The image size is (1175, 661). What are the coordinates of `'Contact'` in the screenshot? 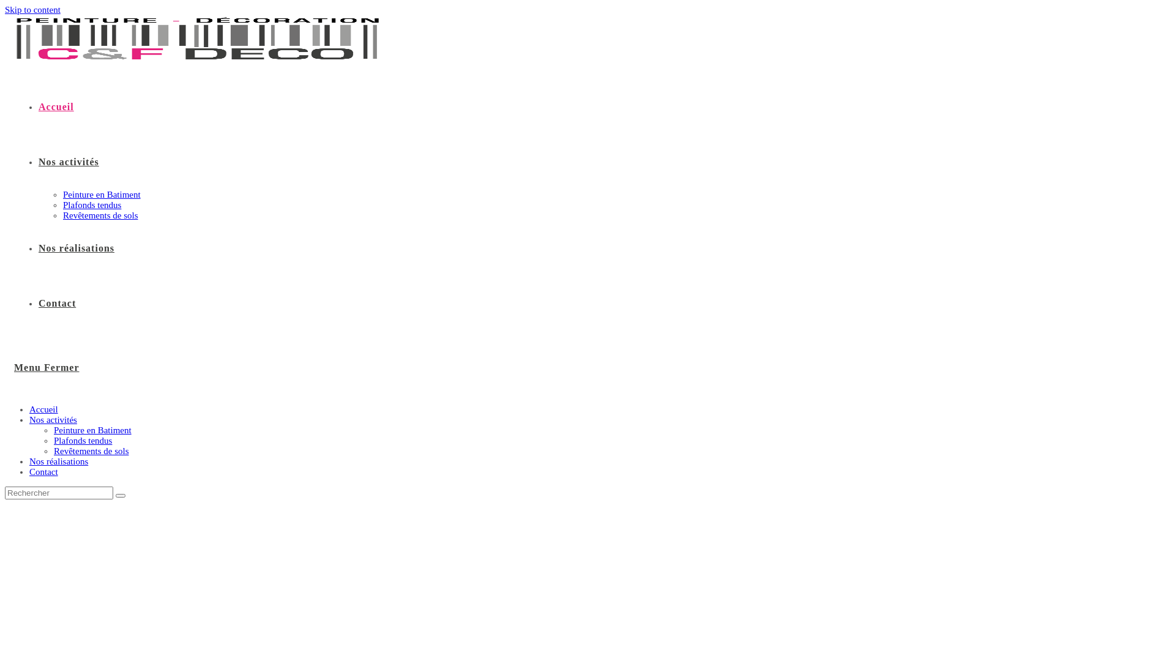 It's located at (43, 471).